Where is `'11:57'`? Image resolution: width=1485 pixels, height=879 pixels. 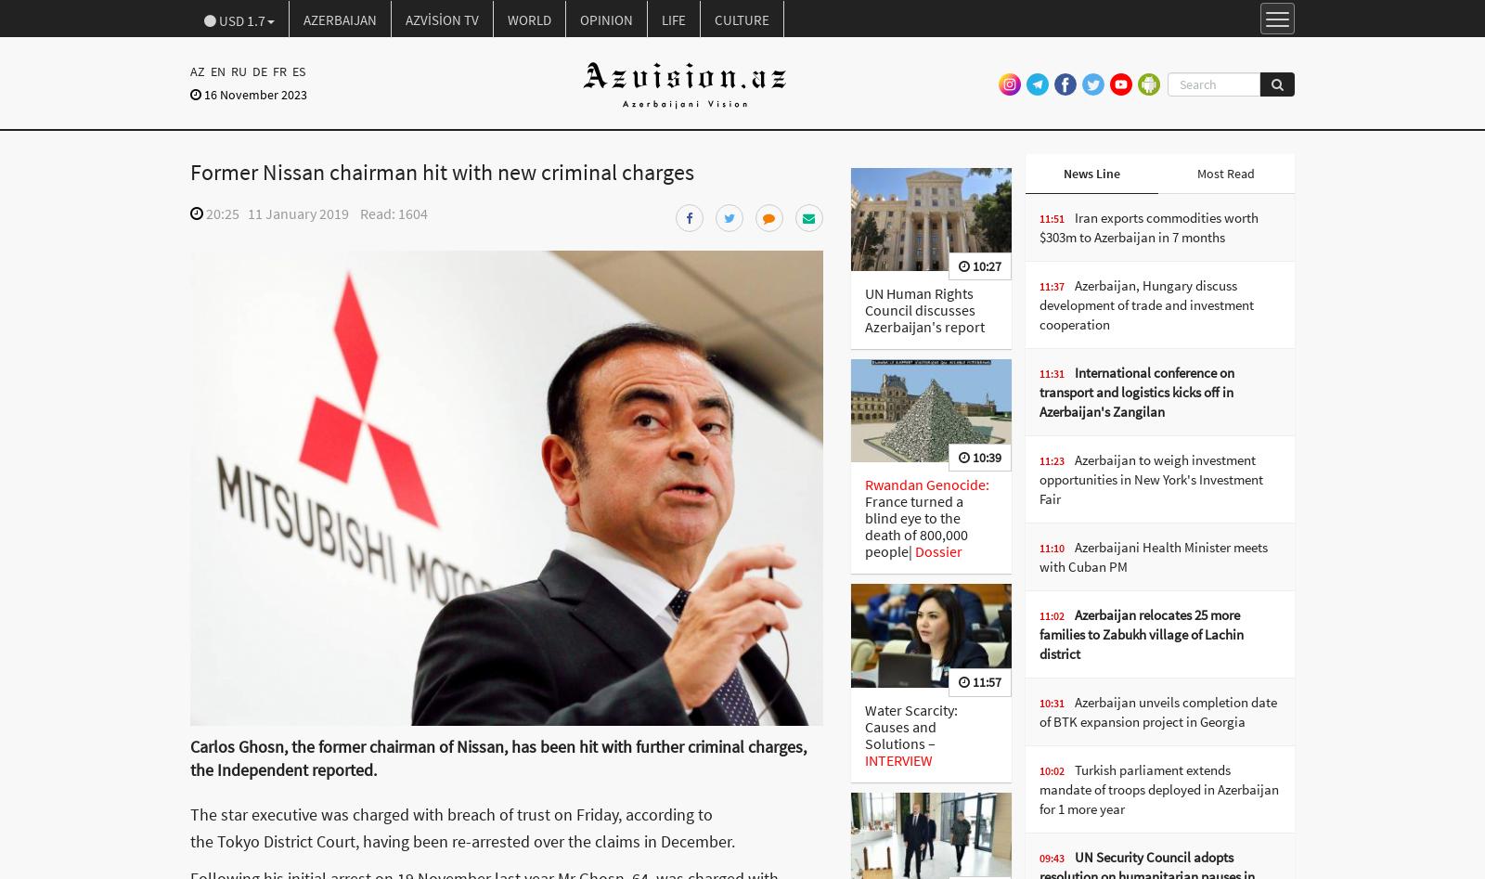 '11:57' is located at coordinates (984, 680).